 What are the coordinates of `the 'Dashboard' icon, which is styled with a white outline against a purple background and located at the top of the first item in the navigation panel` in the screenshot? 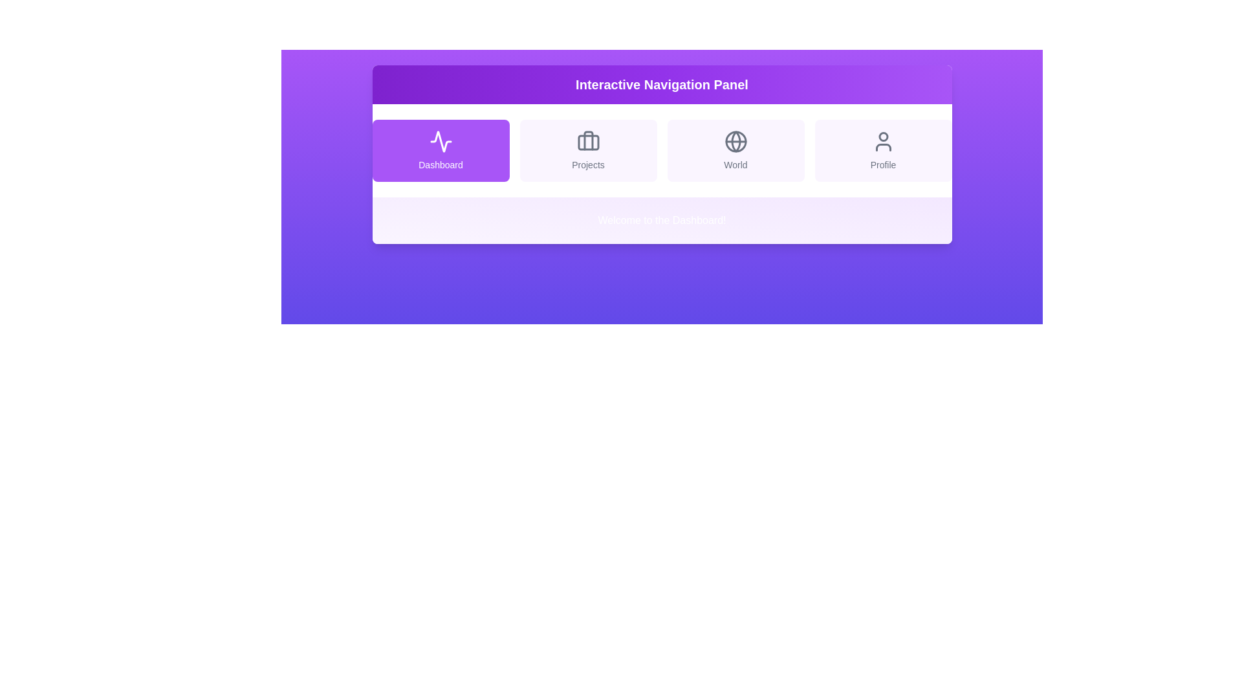 It's located at (441, 142).